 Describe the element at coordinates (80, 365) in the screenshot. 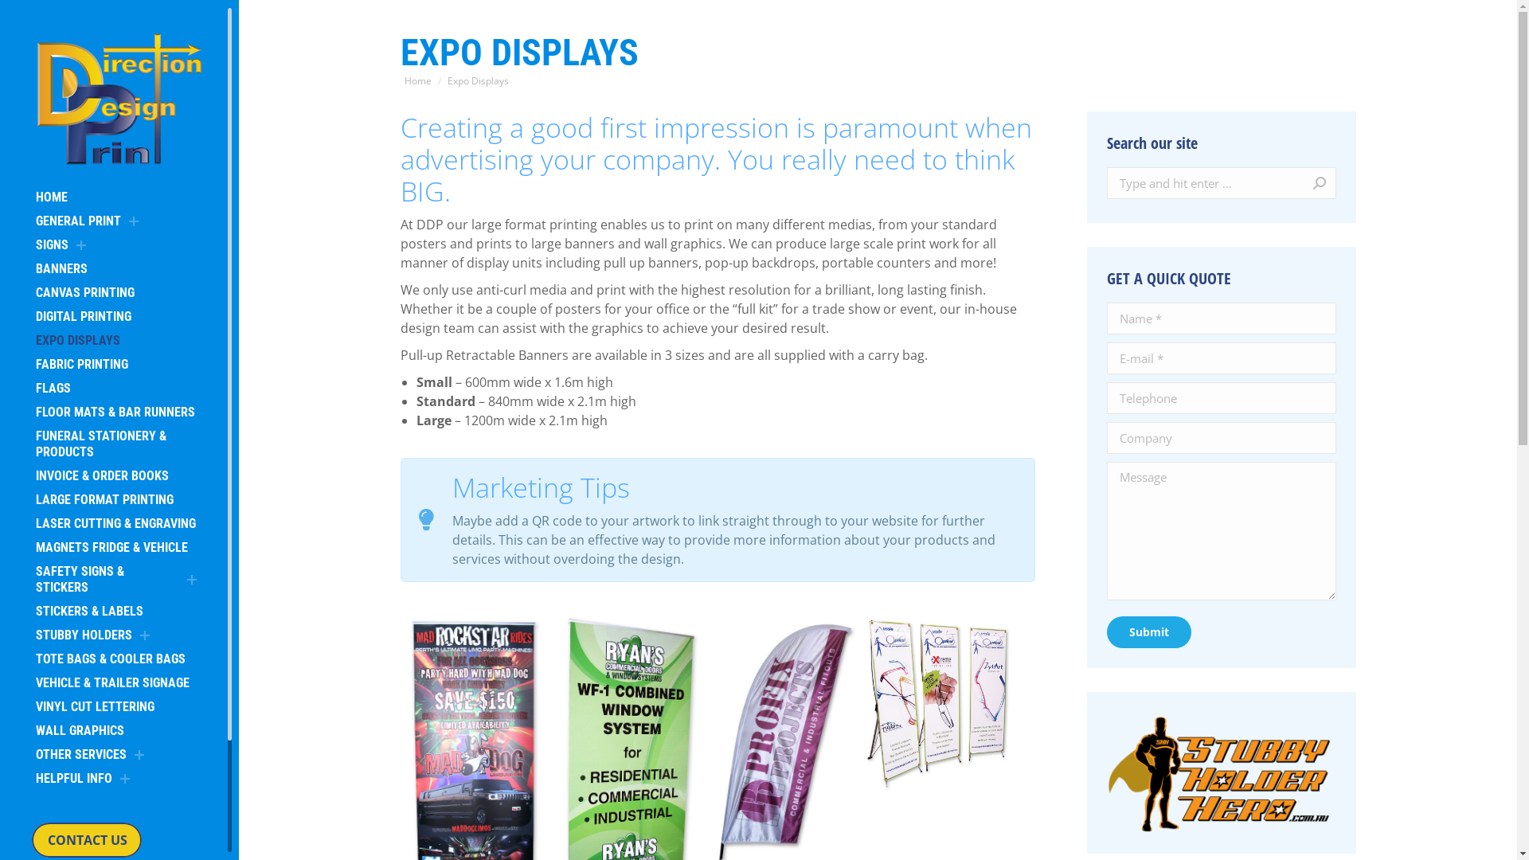

I see `'FABRIC PRINTING'` at that location.